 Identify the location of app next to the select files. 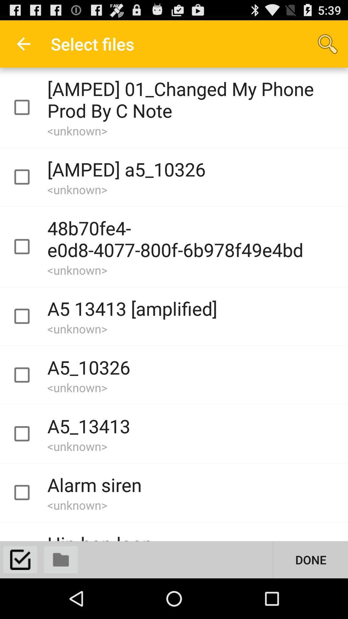
(23, 44).